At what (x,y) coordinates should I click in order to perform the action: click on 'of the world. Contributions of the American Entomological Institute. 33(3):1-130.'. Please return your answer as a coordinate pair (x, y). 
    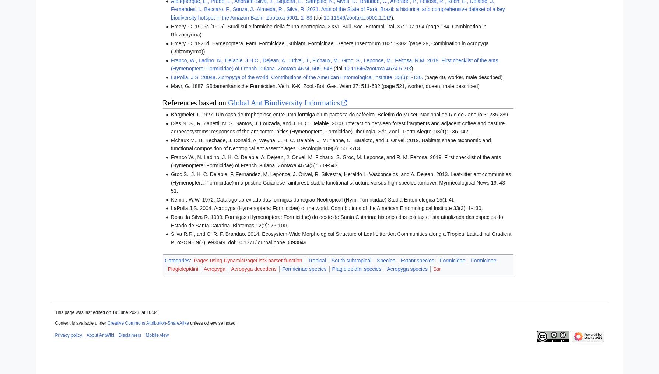
    Looking at the image, I should click on (331, 77).